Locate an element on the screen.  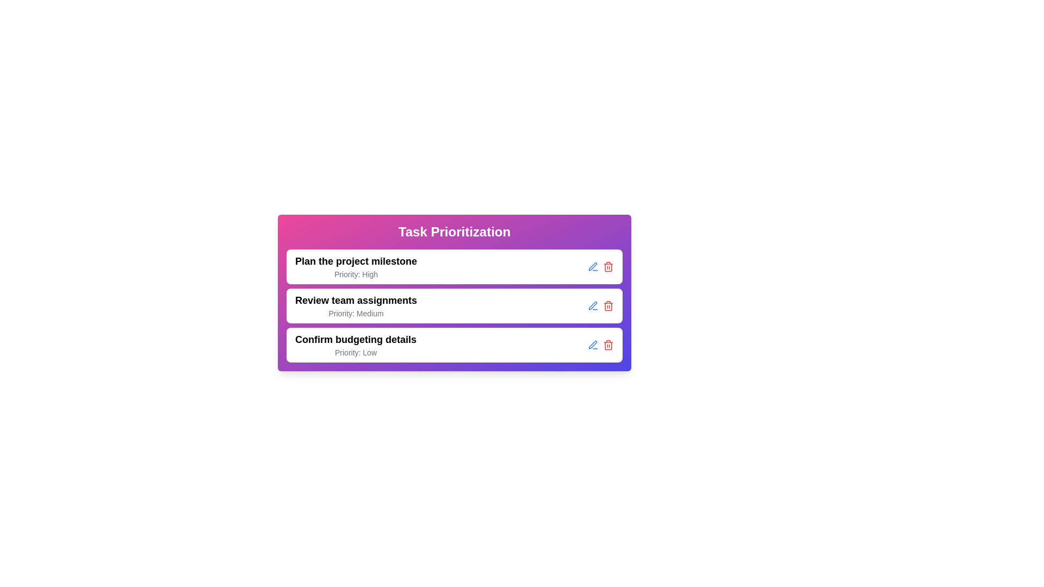
the task card labeled 'Review team assignments' which is the second card in a vertical list, displaying a priority level of 'Medium' is located at coordinates (454, 306).